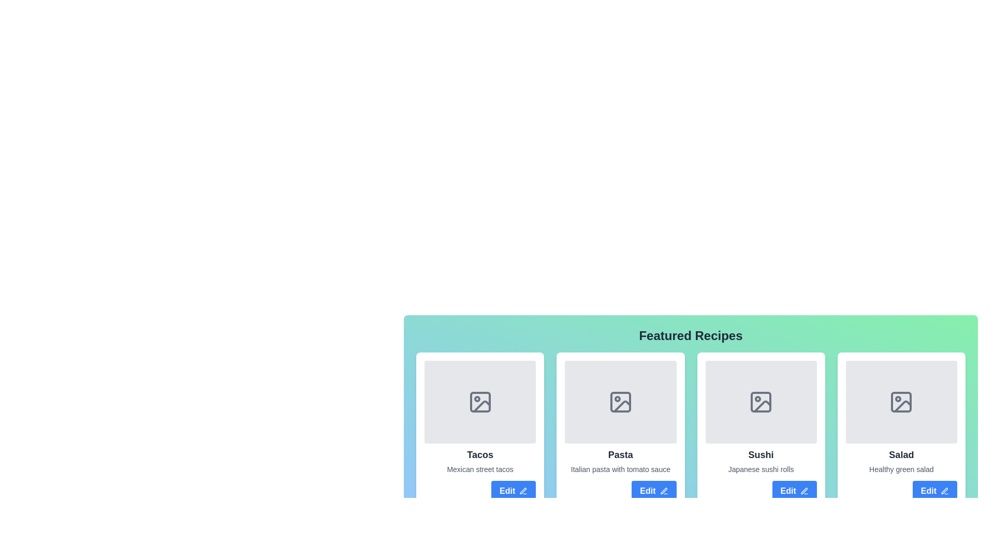 Image resolution: width=994 pixels, height=559 pixels. Describe the element at coordinates (901, 454) in the screenshot. I see `text label 'Salad' which is styled in bold and located within the fourth card of the 'Featured Recipes' section, positioned above the description 'Healthy green salad'` at that location.